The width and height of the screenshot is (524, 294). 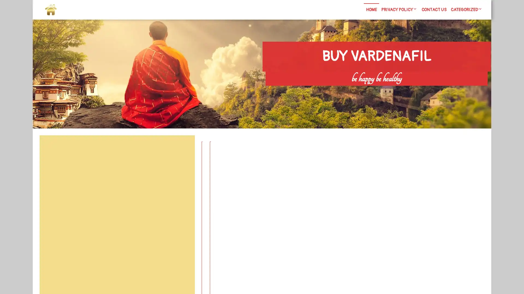 What do you see at coordinates (182, 148) in the screenshot?
I see `Search` at bounding box center [182, 148].